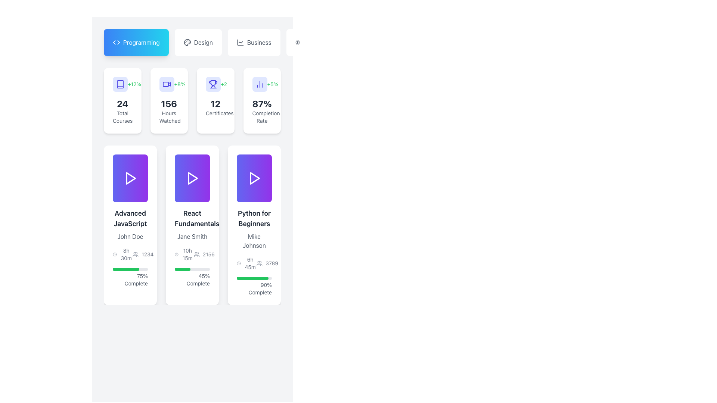  Describe the element at coordinates (203, 43) in the screenshot. I see `the text label displaying 'Design' in dark gray, located in the middle button of a navigation bar` at that location.